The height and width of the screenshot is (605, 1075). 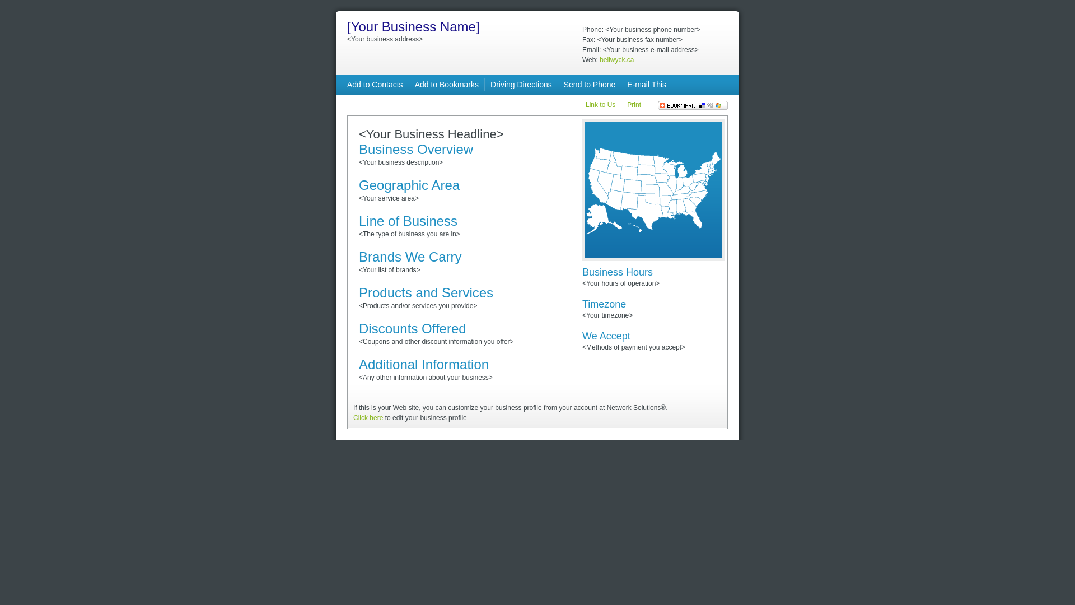 I want to click on 'Print', so click(x=634, y=104).